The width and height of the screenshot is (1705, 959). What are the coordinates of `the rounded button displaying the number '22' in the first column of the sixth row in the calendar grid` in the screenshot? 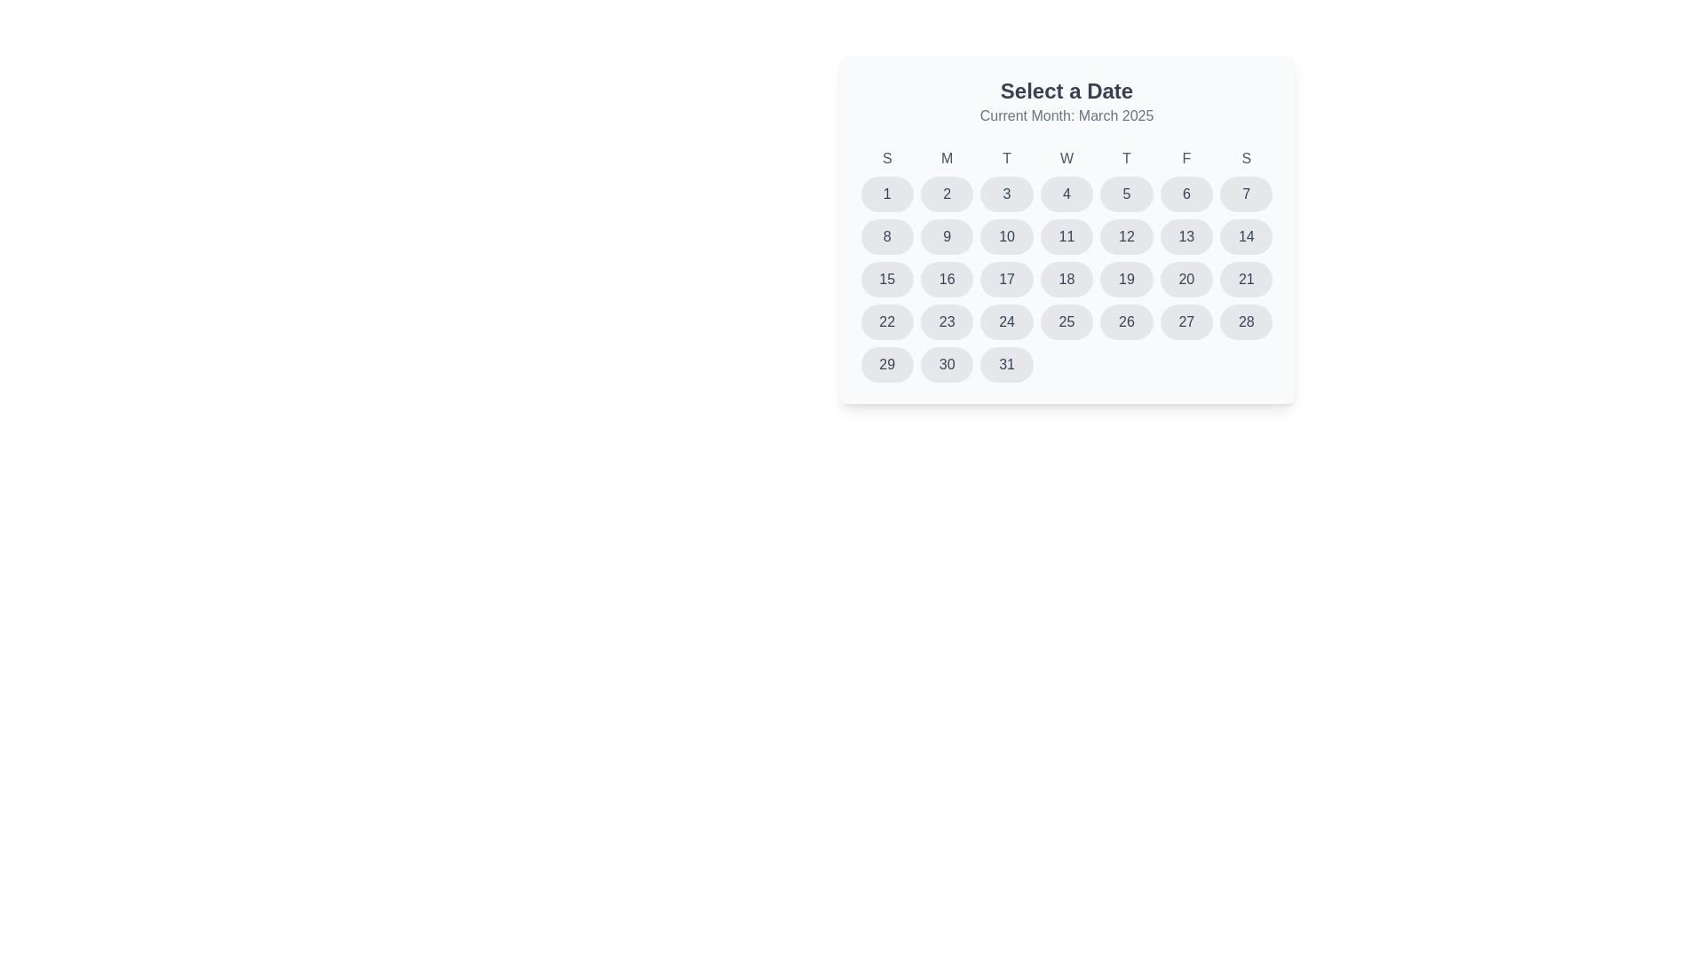 It's located at (887, 321).